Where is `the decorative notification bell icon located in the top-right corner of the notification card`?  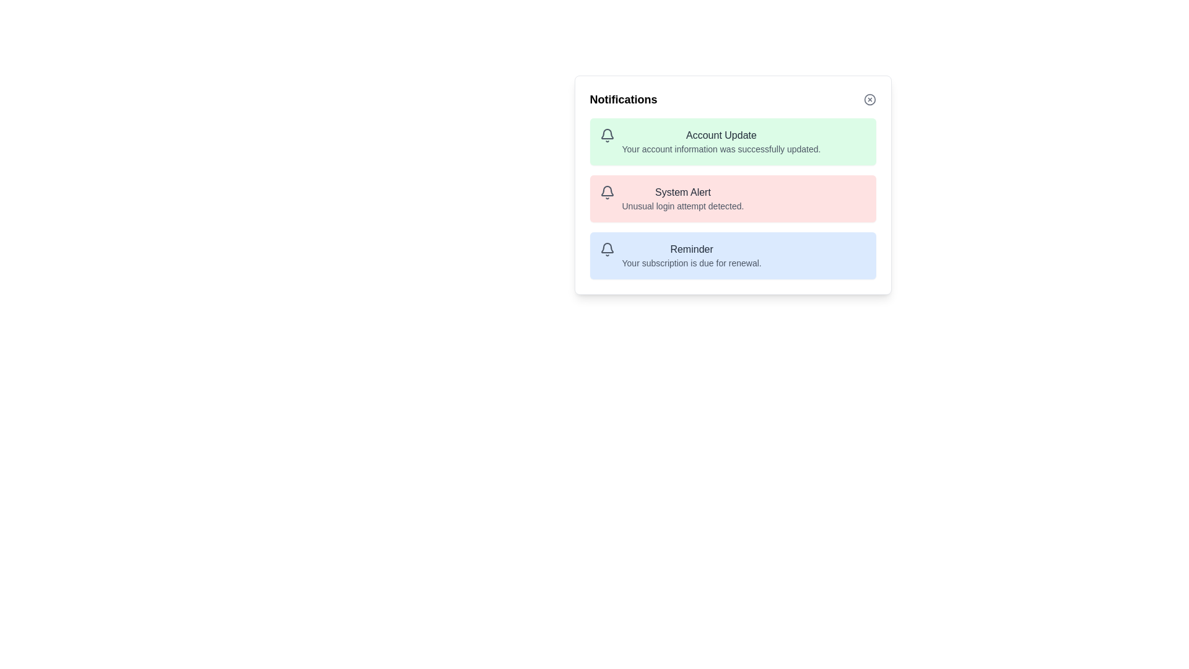
the decorative notification bell icon located in the top-right corner of the notification card is located at coordinates (607, 134).